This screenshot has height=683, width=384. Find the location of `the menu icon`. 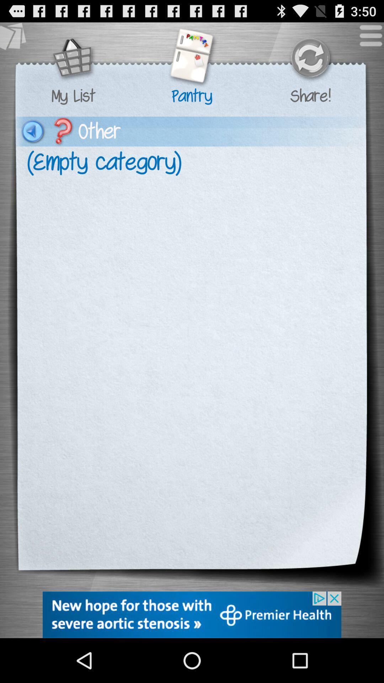

the menu icon is located at coordinates (367, 42).